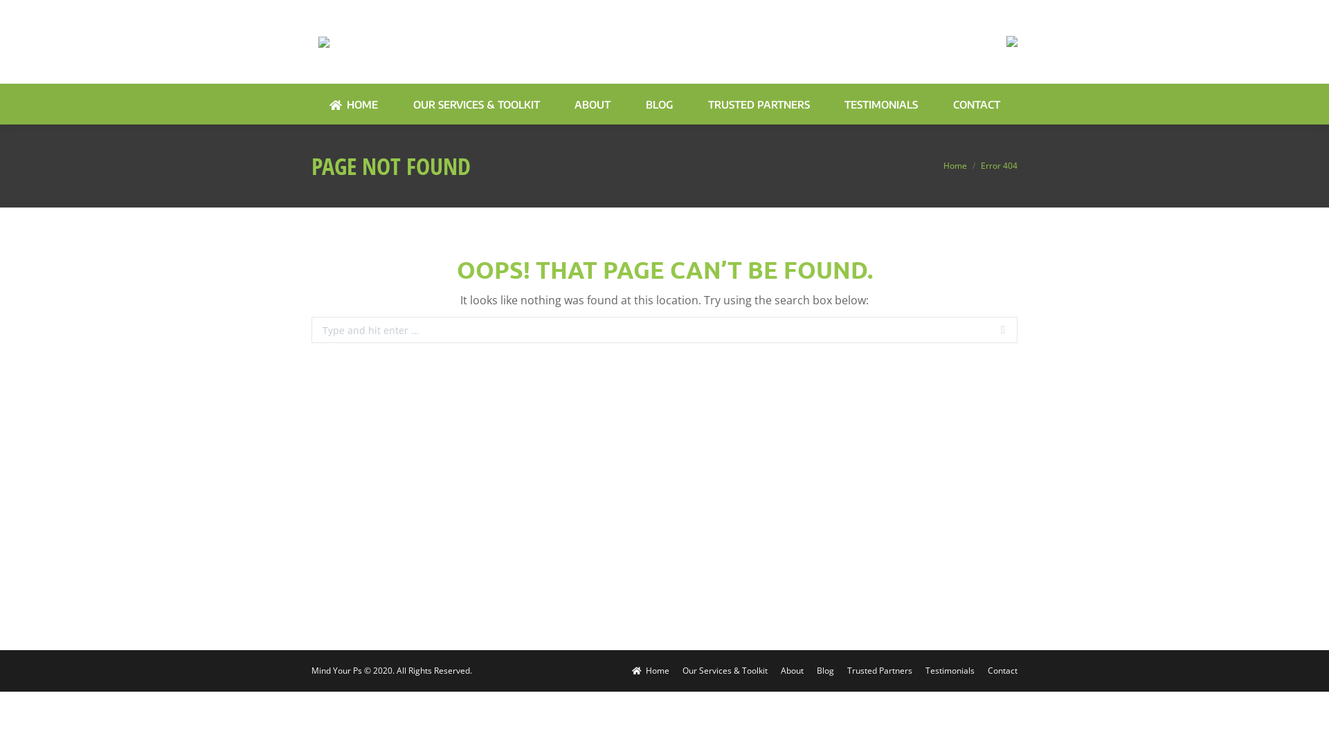 This screenshot has height=747, width=1329. What do you see at coordinates (353, 104) in the screenshot?
I see `'HOME'` at bounding box center [353, 104].